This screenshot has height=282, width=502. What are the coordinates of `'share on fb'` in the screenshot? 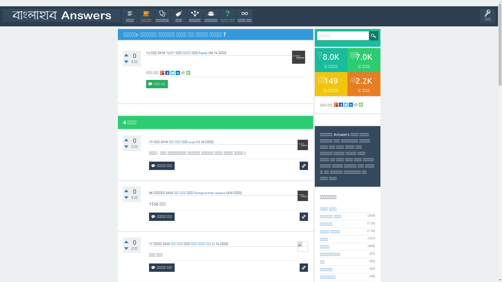 It's located at (165, 73).